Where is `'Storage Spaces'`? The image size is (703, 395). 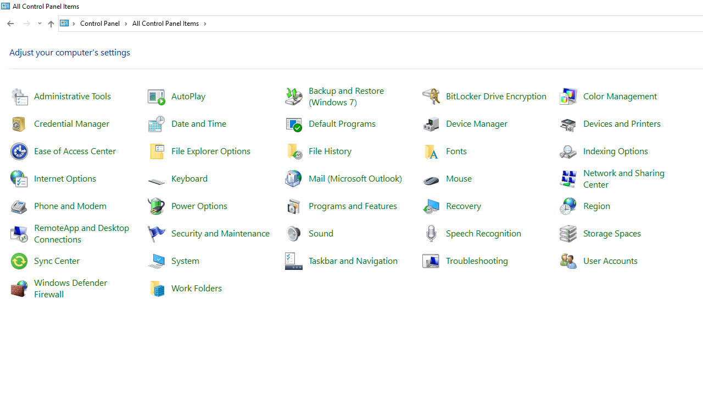 'Storage Spaces' is located at coordinates (611, 232).